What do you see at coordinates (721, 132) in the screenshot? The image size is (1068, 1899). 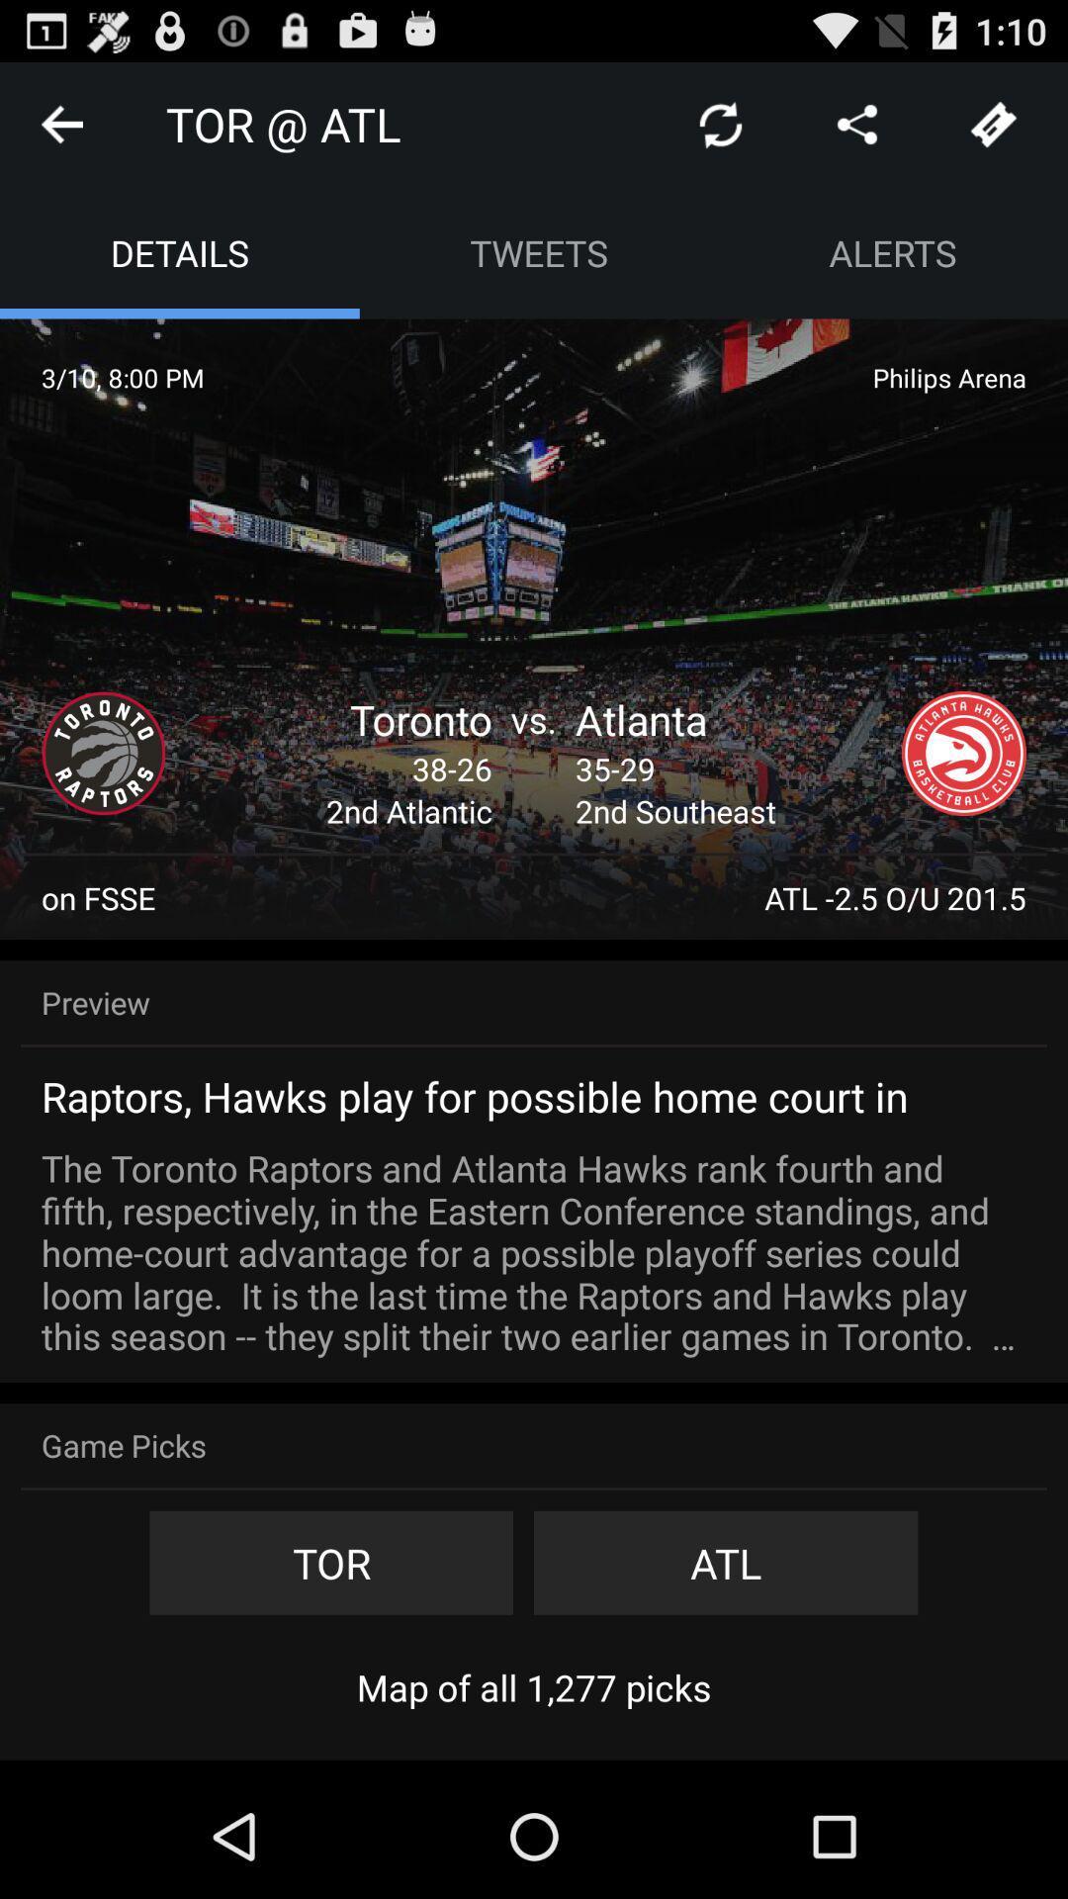 I see `the refresh icon` at bounding box center [721, 132].